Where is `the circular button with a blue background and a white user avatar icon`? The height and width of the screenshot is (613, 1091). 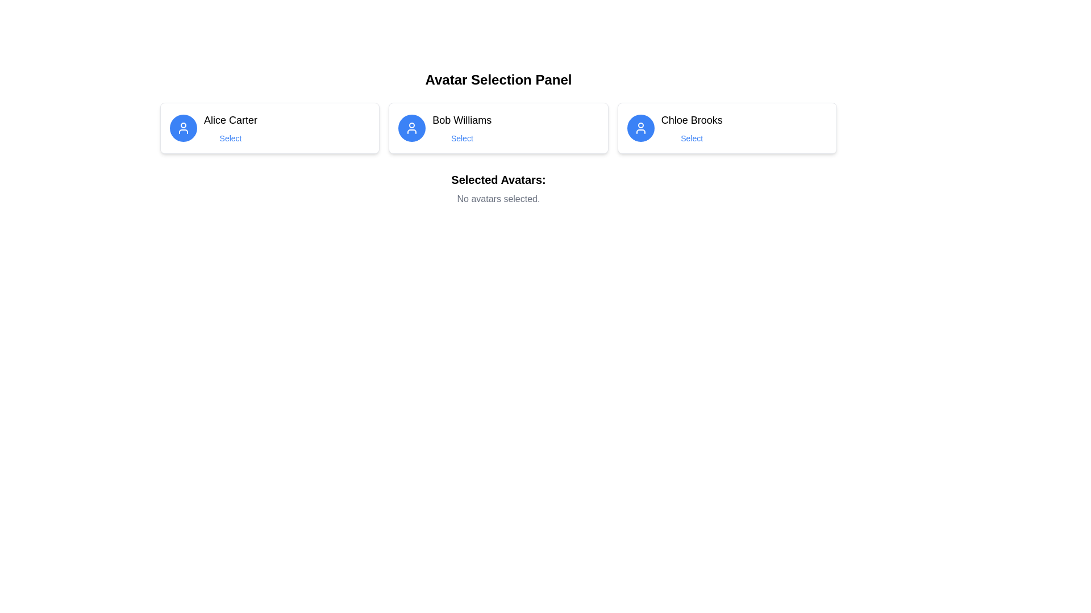
the circular button with a blue background and a white user avatar icon is located at coordinates (183, 128).